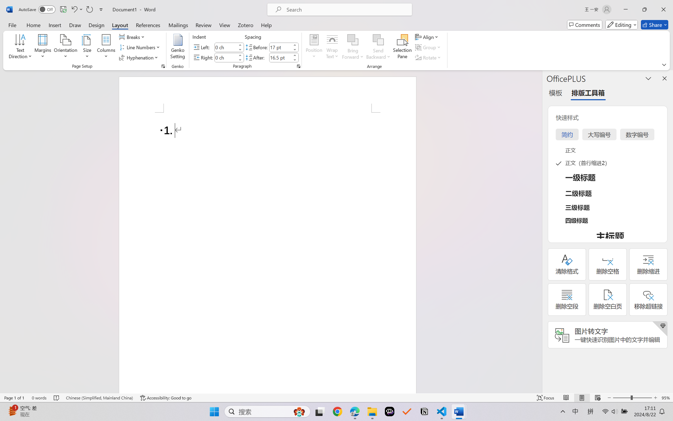  I want to click on 'Bring Forward', so click(353, 40).